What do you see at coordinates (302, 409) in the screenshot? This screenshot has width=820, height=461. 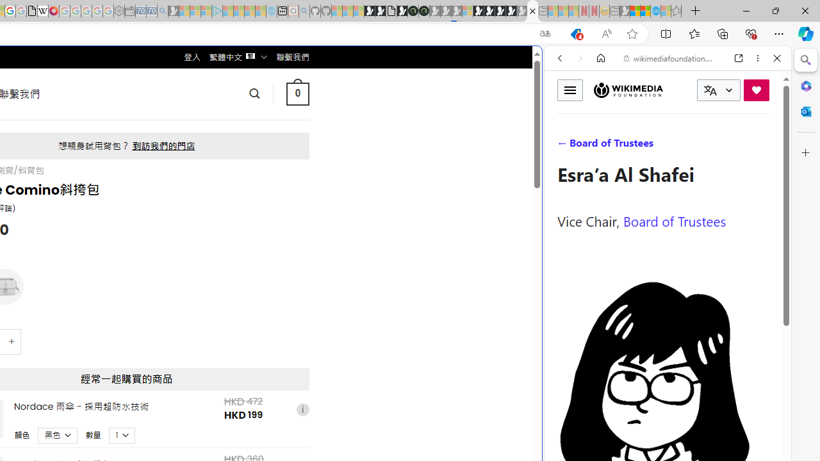 I see `'i'` at bounding box center [302, 409].